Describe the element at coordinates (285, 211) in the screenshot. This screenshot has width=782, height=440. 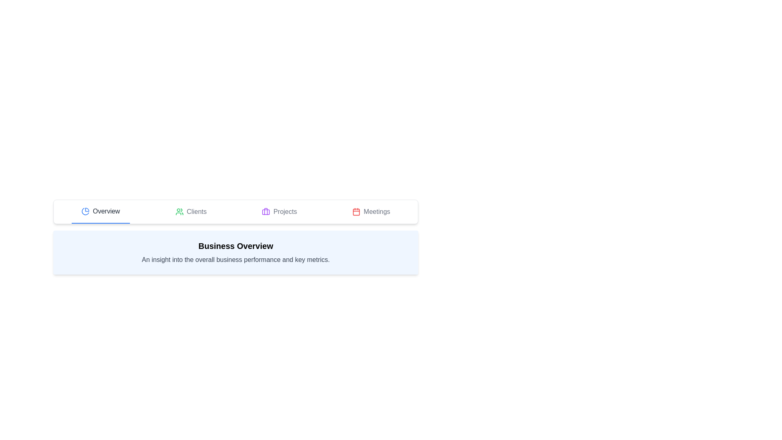
I see `the 'Projects' text label in the navigation menu` at that location.